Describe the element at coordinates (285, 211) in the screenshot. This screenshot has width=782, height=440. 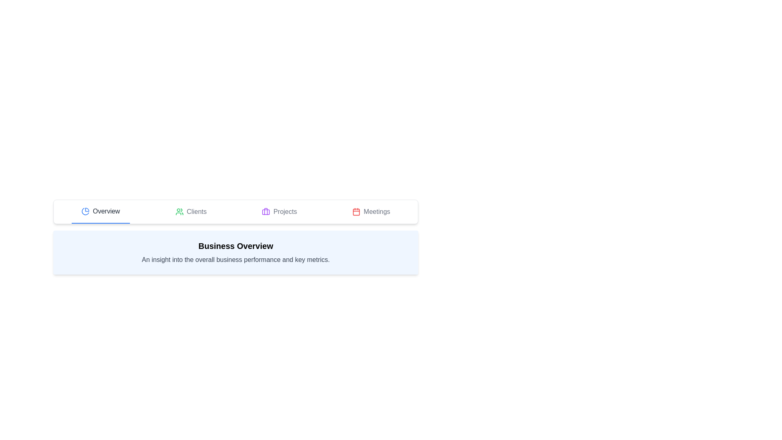
I see `the 'Projects' text label in the navigation menu` at that location.